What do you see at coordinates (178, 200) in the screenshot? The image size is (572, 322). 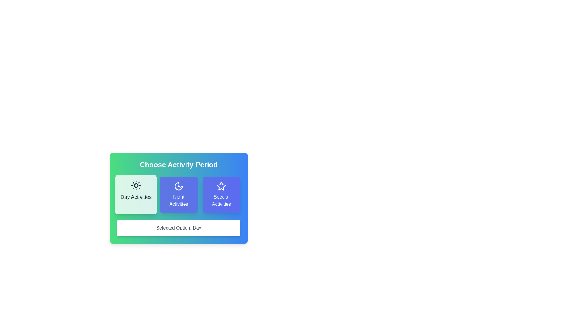 I see `'Night Activities' text label located in the middle card of the trio under 'Choose Activity Period', which is below the moon icon` at bounding box center [178, 200].